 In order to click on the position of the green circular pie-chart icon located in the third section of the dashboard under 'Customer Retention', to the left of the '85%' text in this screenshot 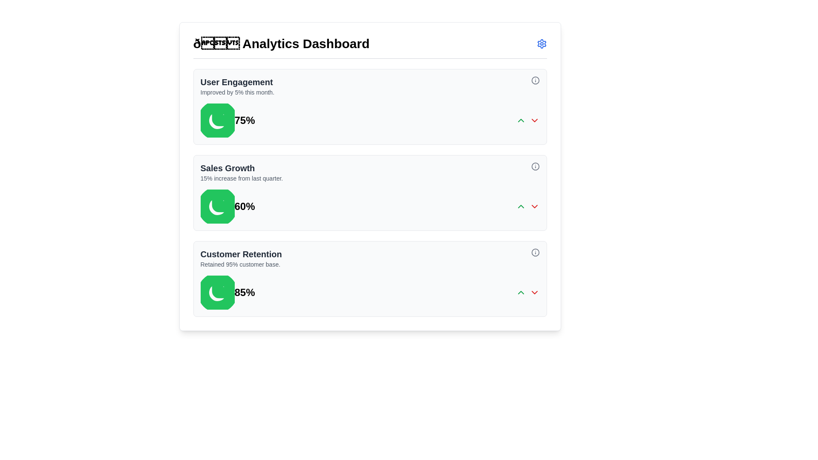, I will do `click(217, 292)`.